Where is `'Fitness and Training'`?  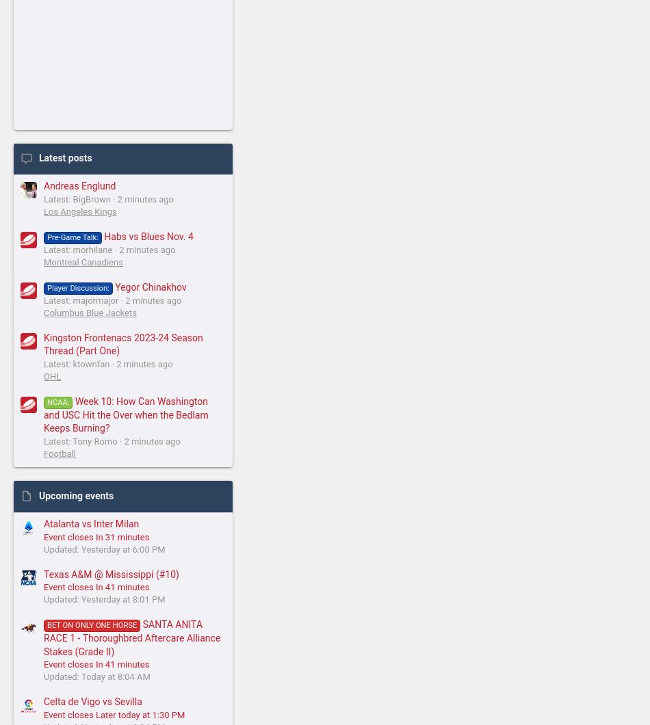 'Fitness and Training' is located at coordinates (101, 254).